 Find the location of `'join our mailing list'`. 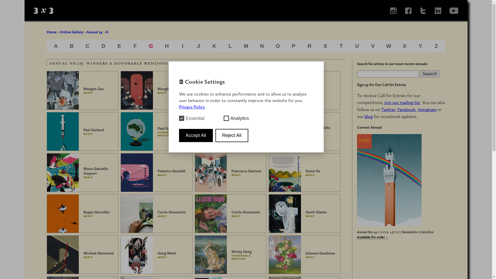

'join our mailing list' is located at coordinates (402, 103).